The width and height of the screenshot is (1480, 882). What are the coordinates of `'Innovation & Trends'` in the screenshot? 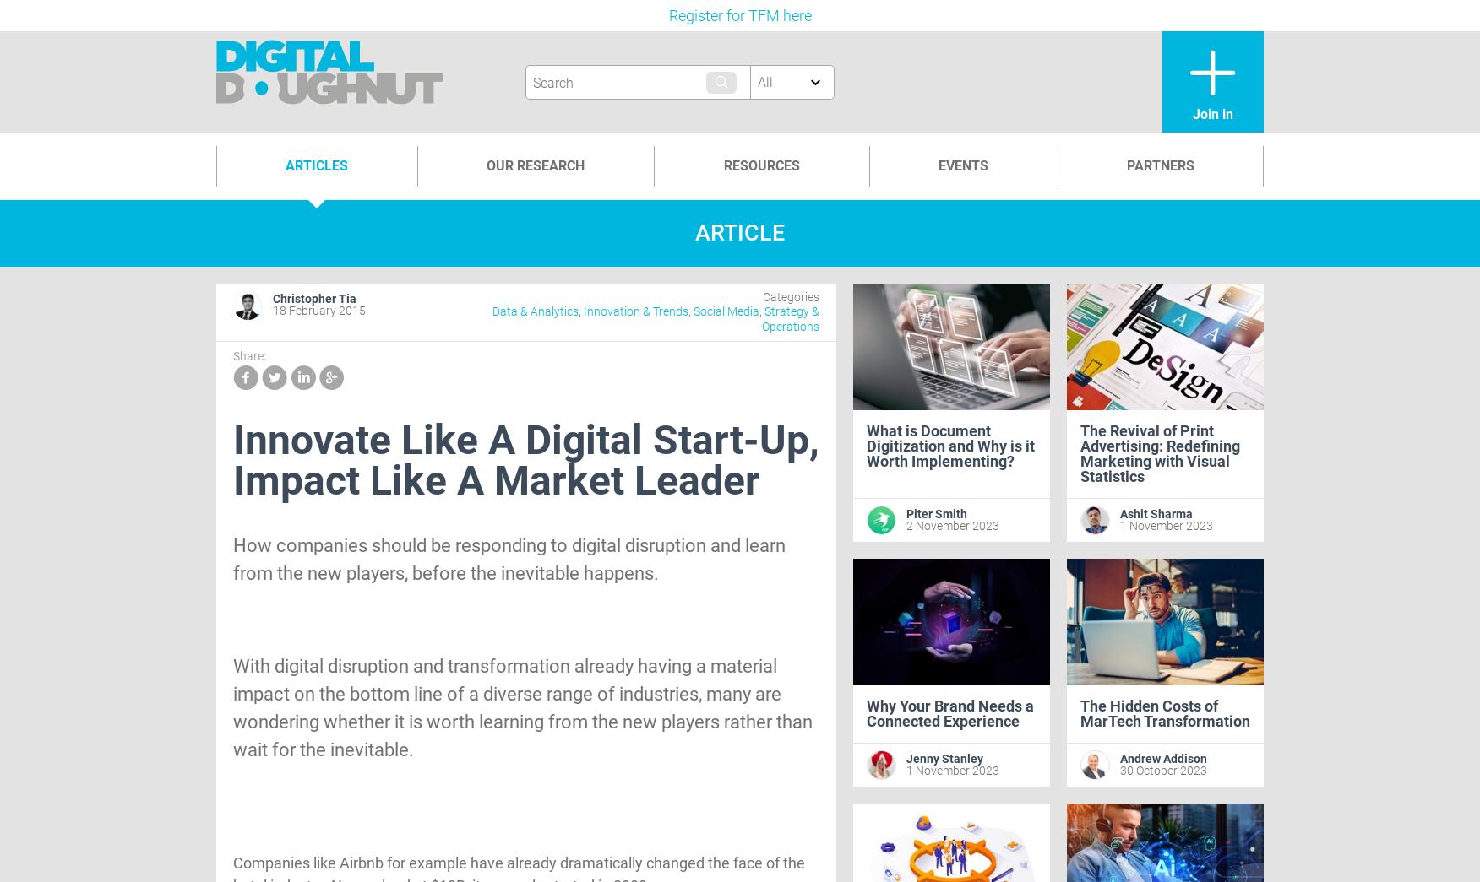 It's located at (582, 310).